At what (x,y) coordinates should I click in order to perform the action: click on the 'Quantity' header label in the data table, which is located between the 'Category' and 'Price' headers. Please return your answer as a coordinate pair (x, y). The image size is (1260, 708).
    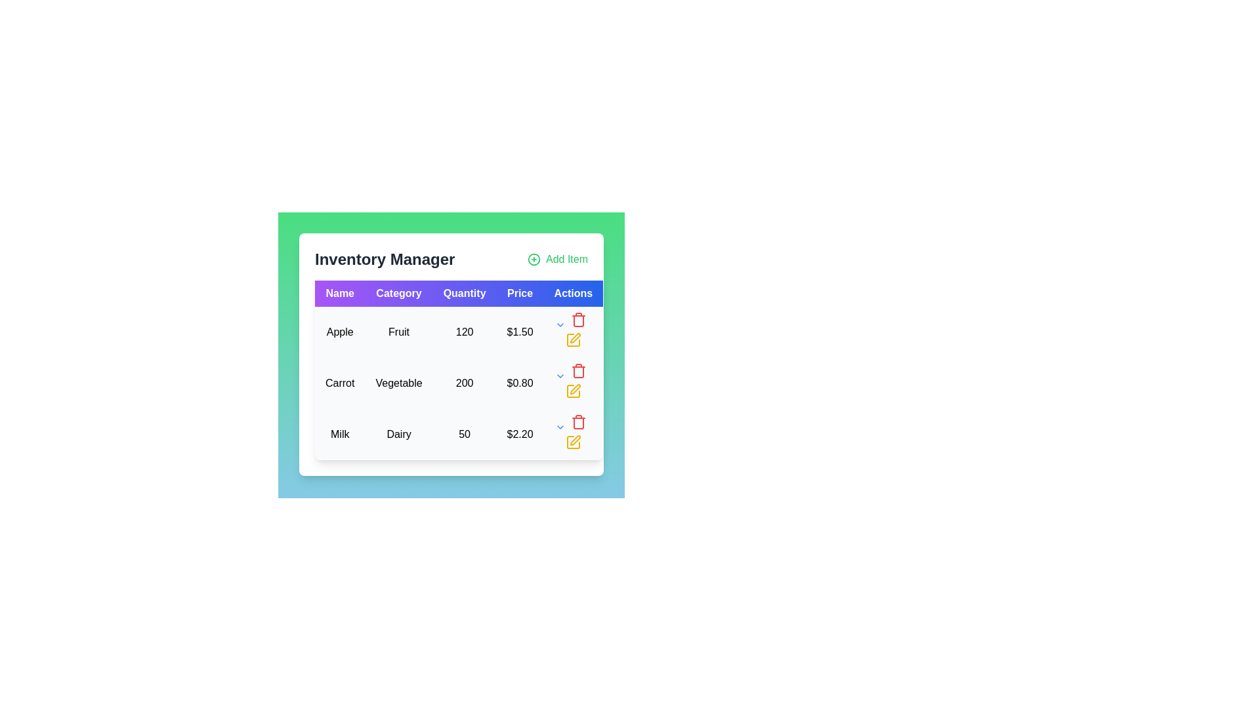
    Looking at the image, I should click on (465, 292).